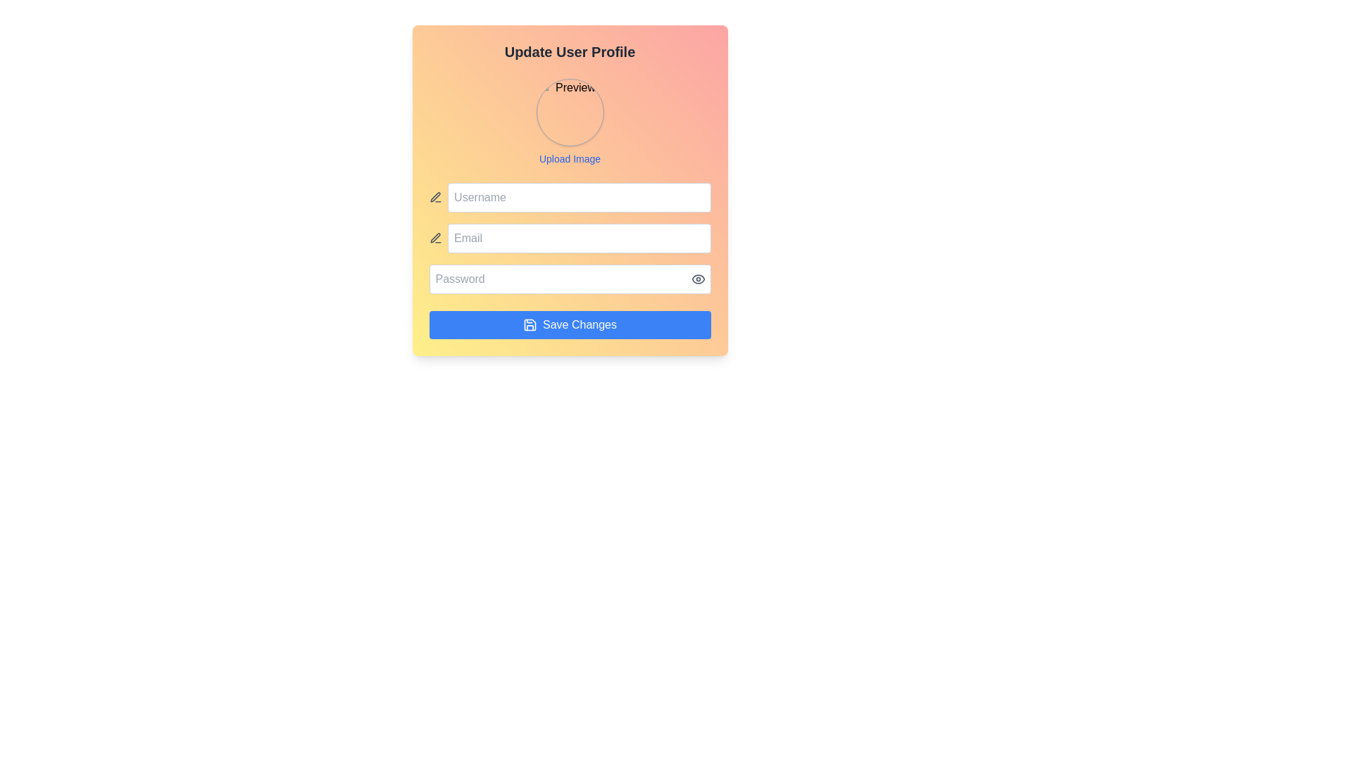 The width and height of the screenshot is (1352, 760). Describe the element at coordinates (570, 158) in the screenshot. I see `the 'Upload Image' text link, which is styled in blue and is underlined on hover, to initiate the upload process` at that location.